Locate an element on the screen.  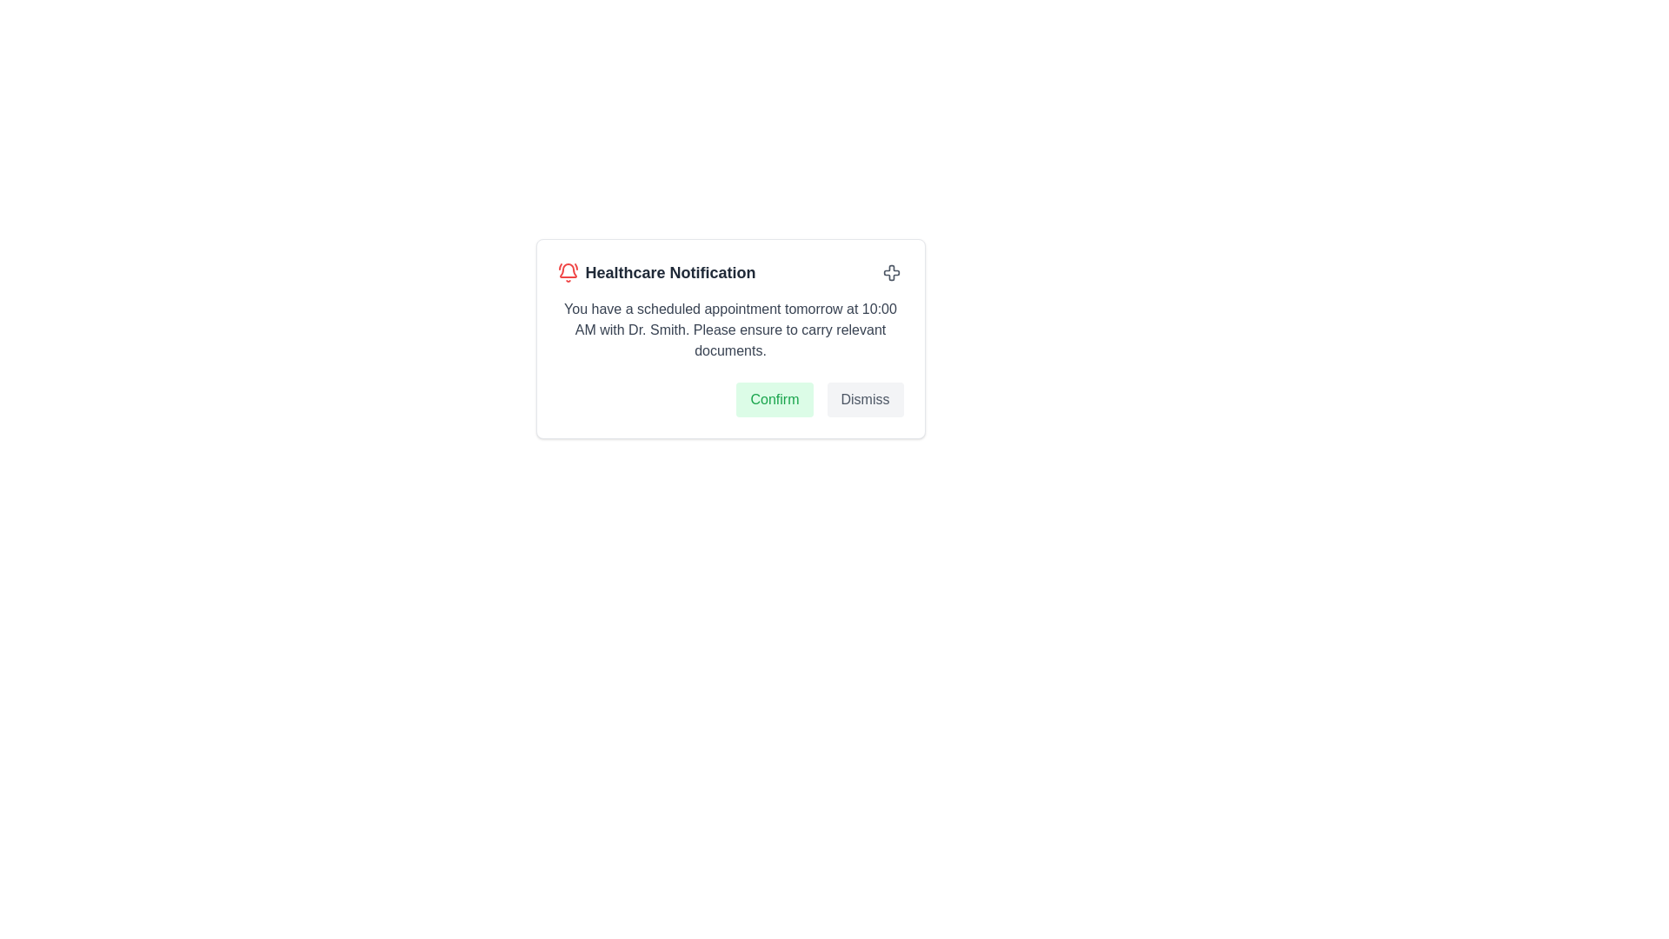
the cross-shaped icon in the upper right corner of the notification panel is located at coordinates (891, 272).